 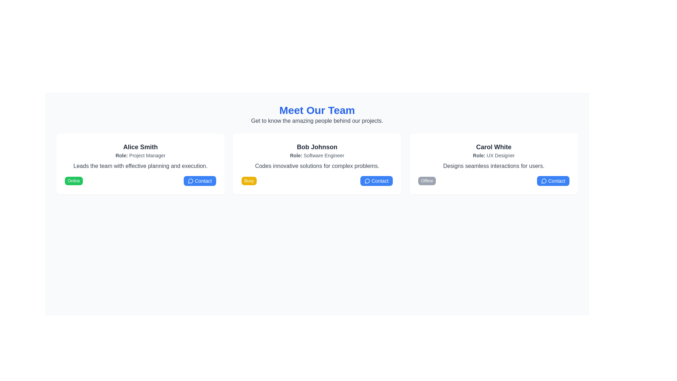 I want to click on text label that describes the professional role associated with 'Carol White', located below her name and above the description text within the card, so click(x=493, y=155).